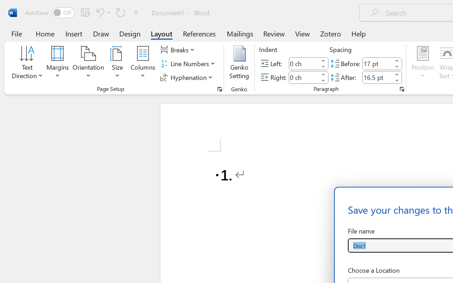 This screenshot has width=453, height=283. Describe the element at coordinates (88, 63) in the screenshot. I see `'Orientation'` at that location.